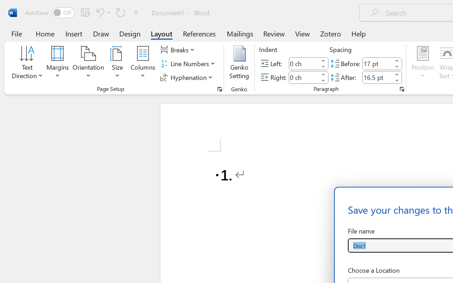 This screenshot has width=453, height=283. Describe the element at coordinates (88, 63) in the screenshot. I see `'Orientation'` at that location.